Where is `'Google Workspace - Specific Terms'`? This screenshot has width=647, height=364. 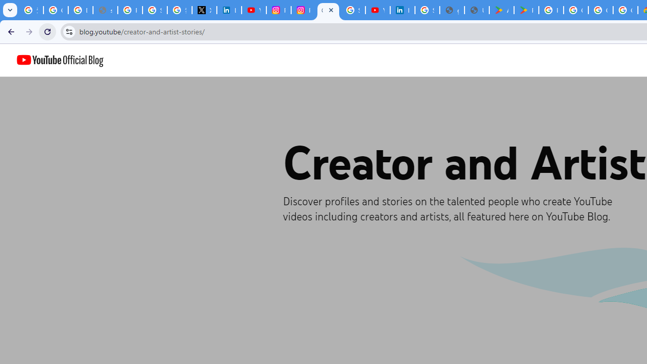
'Google Workspace - Specific Terms' is located at coordinates (625, 10).